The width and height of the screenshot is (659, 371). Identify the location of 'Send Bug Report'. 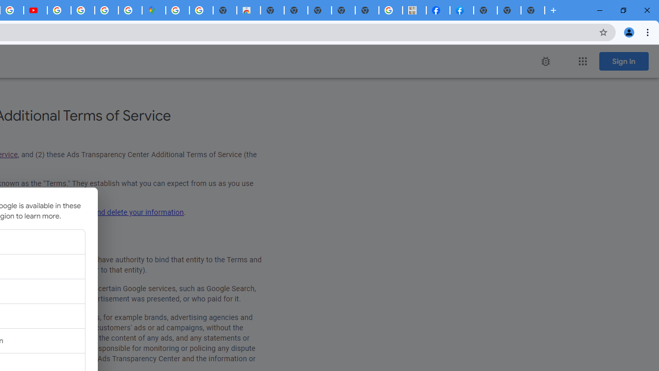
(545, 61).